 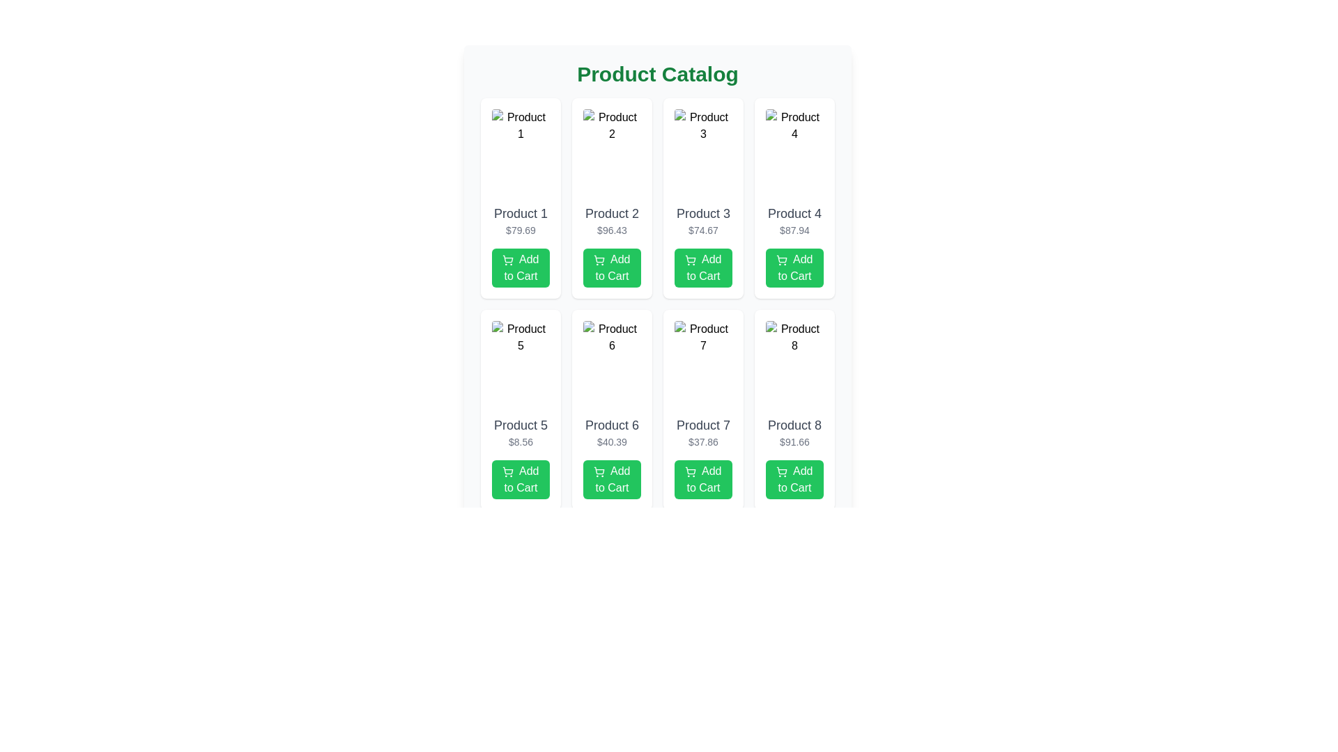 What do you see at coordinates (520, 230) in the screenshot?
I see `the price label displaying '$79.69' located below the product name 'Product 1' within the product card` at bounding box center [520, 230].